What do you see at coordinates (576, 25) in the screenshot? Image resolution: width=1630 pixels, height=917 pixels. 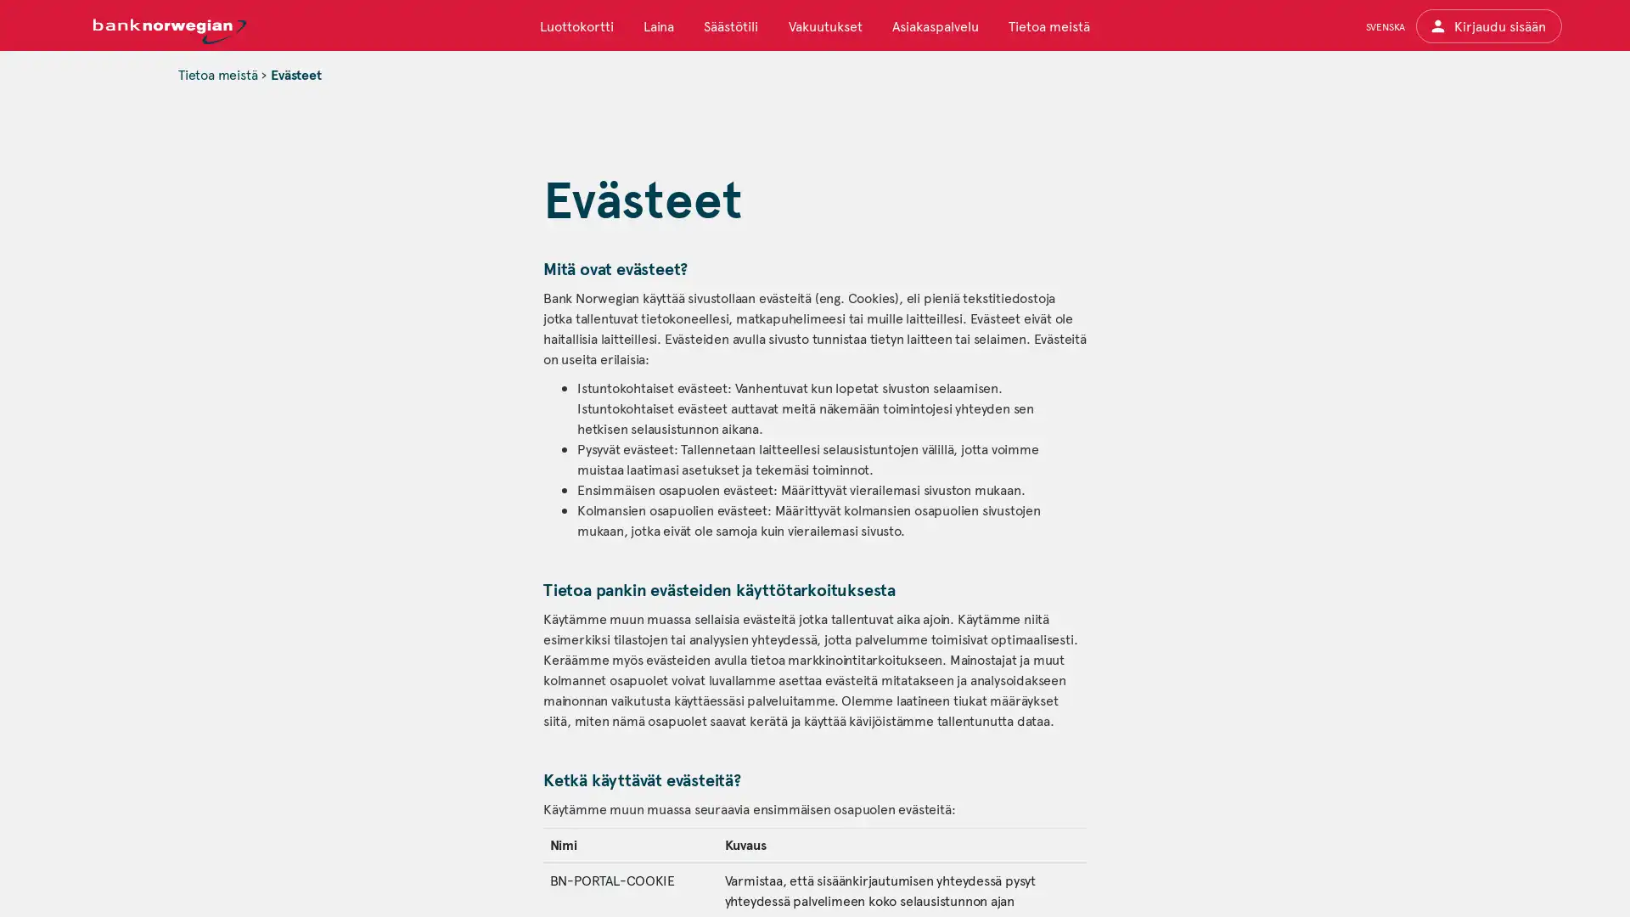 I see `Luottokortti` at bounding box center [576, 25].